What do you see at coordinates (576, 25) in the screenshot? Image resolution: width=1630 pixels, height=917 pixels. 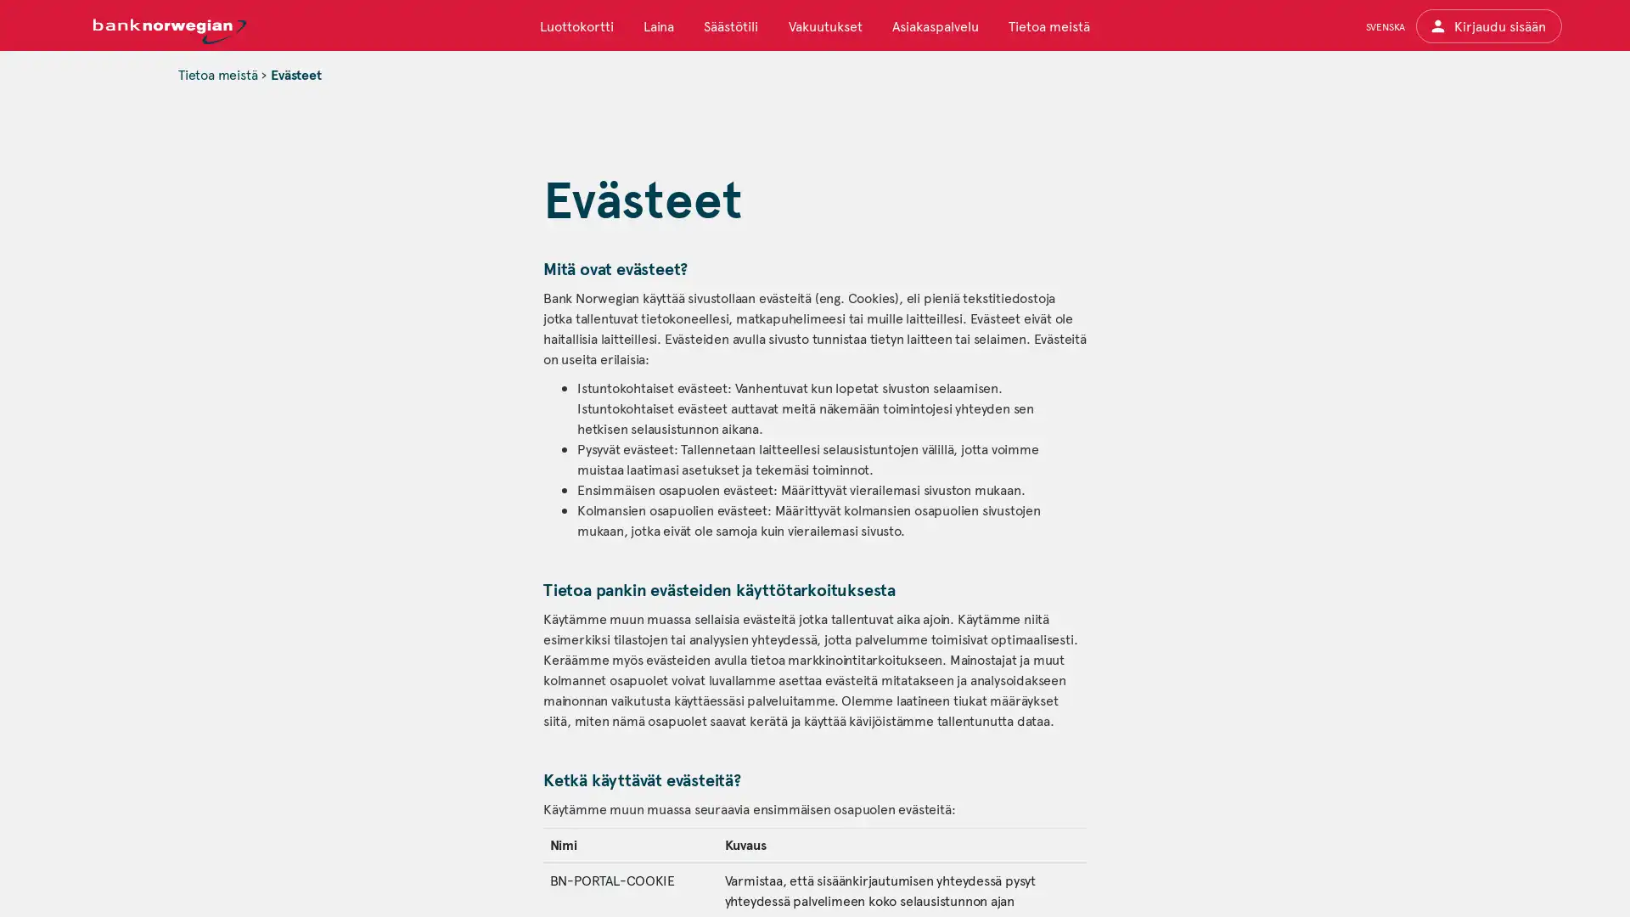 I see `Luottokortti` at bounding box center [576, 25].